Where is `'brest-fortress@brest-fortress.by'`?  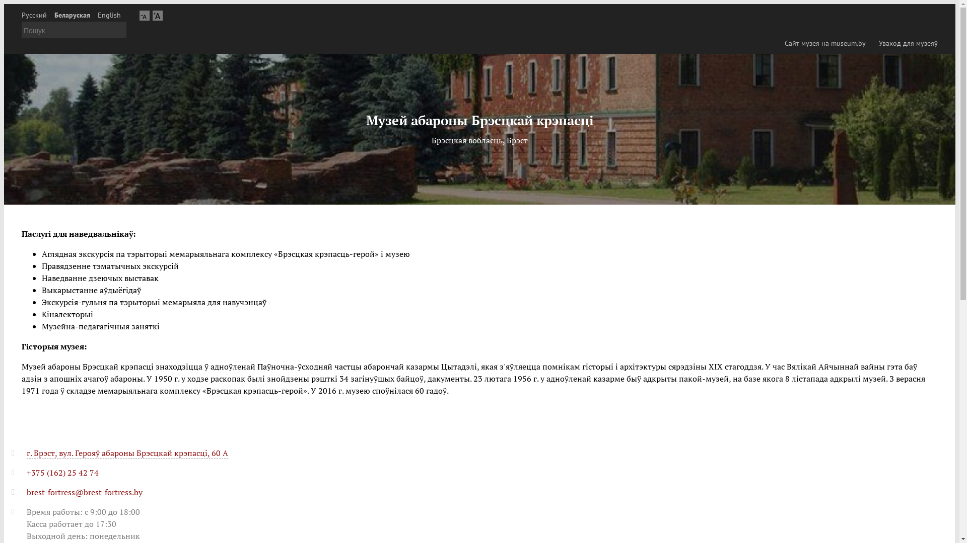
'brest-fortress@brest-fortress.by' is located at coordinates (85, 492).